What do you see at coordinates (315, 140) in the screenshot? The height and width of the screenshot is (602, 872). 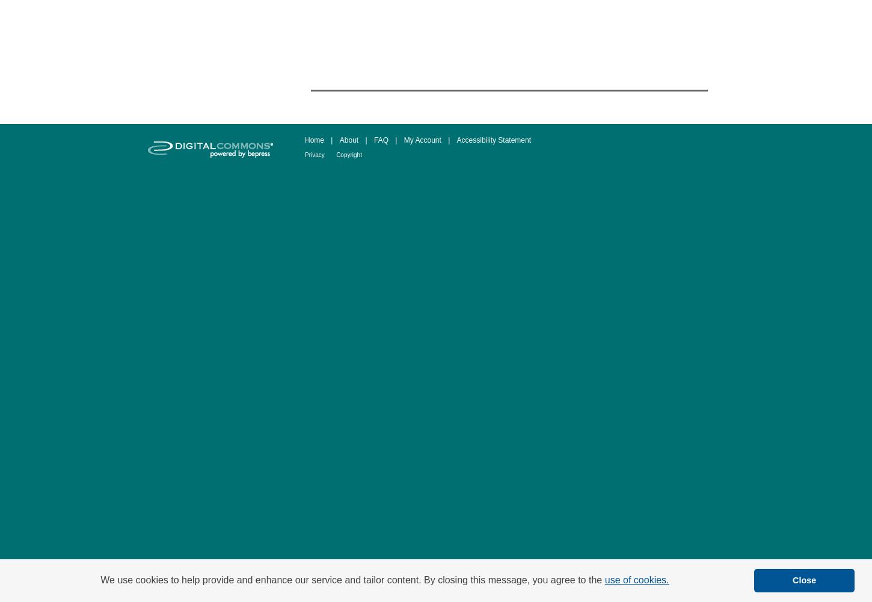 I see `'Home'` at bounding box center [315, 140].